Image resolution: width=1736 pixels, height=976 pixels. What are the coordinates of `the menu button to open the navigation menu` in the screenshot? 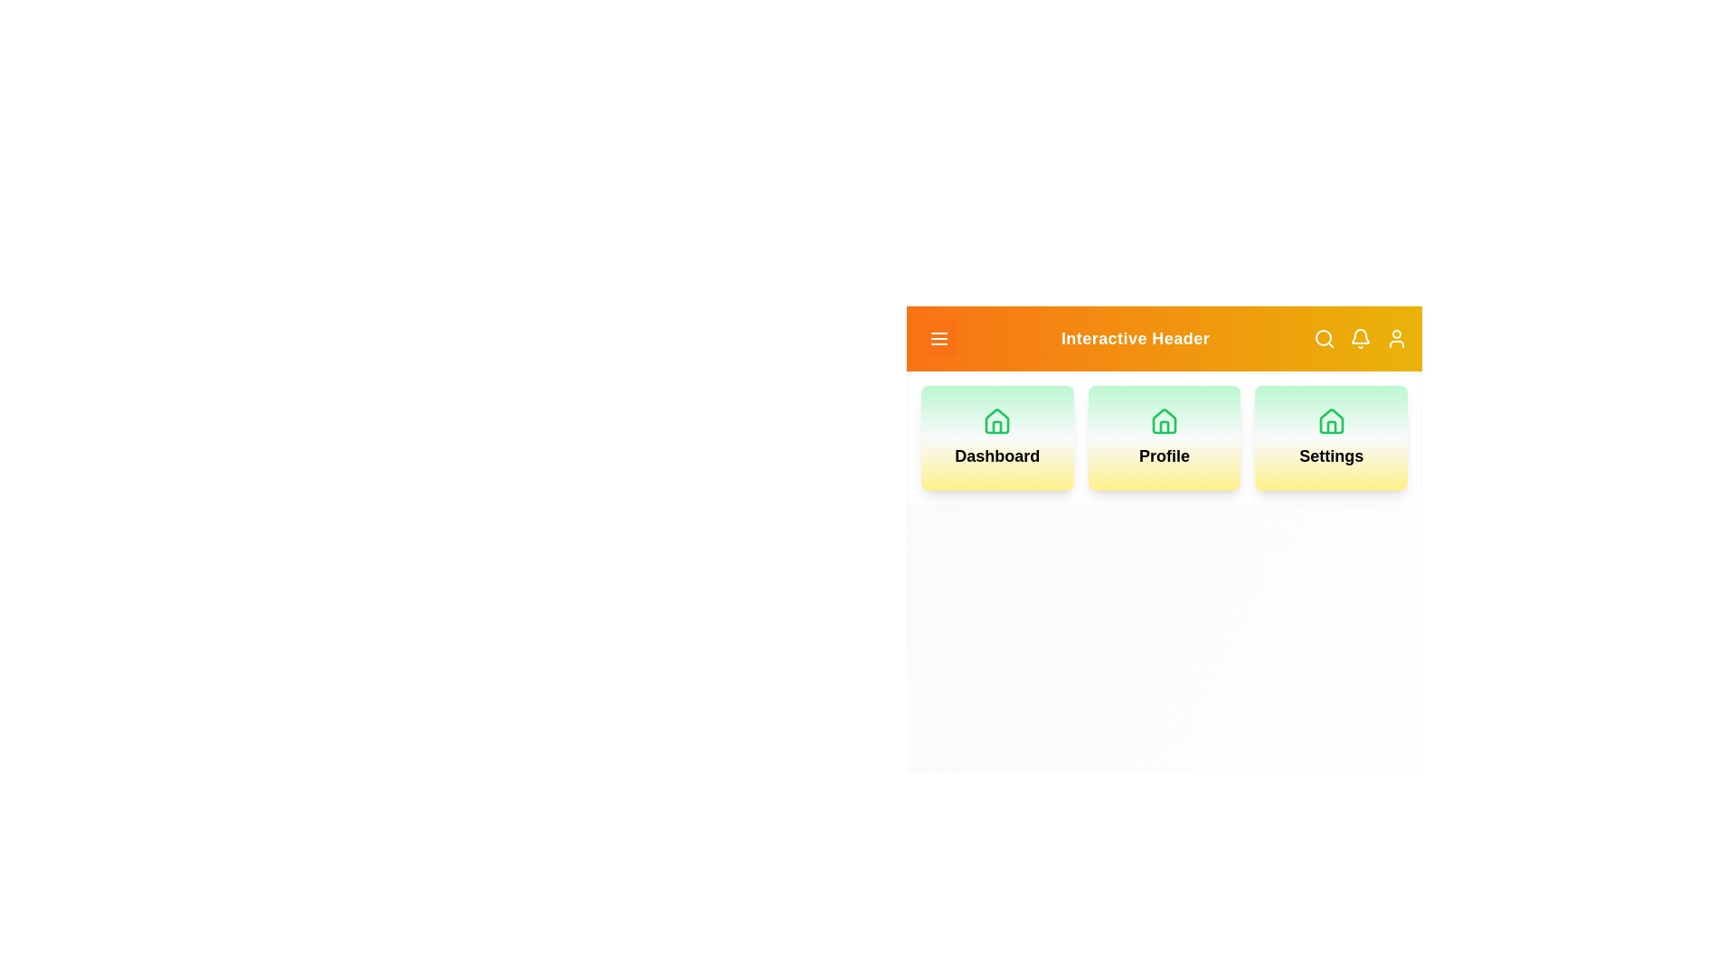 It's located at (939, 338).